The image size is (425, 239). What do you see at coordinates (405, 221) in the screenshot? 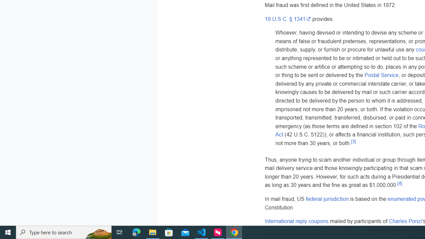
I see `'Charles Ponzi'` at bounding box center [405, 221].